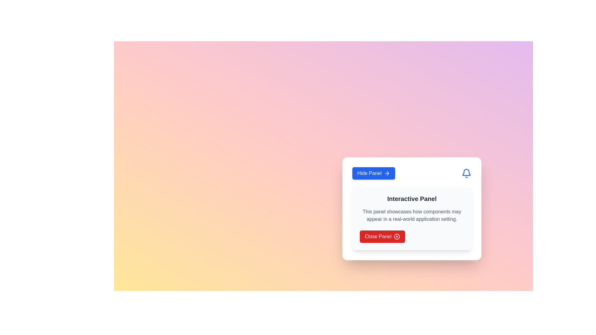 This screenshot has height=335, width=596. Describe the element at coordinates (466, 172) in the screenshot. I see `the complete bell icon which includes the lower half of the bell's shape at the top-right of the panel` at that location.